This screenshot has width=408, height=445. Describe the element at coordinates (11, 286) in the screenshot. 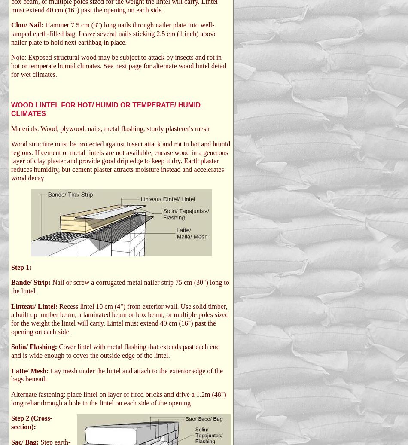

I see `'Nail or screw a corrugated metal nailer strip 75 cm (30") long to the lintel.'` at that location.